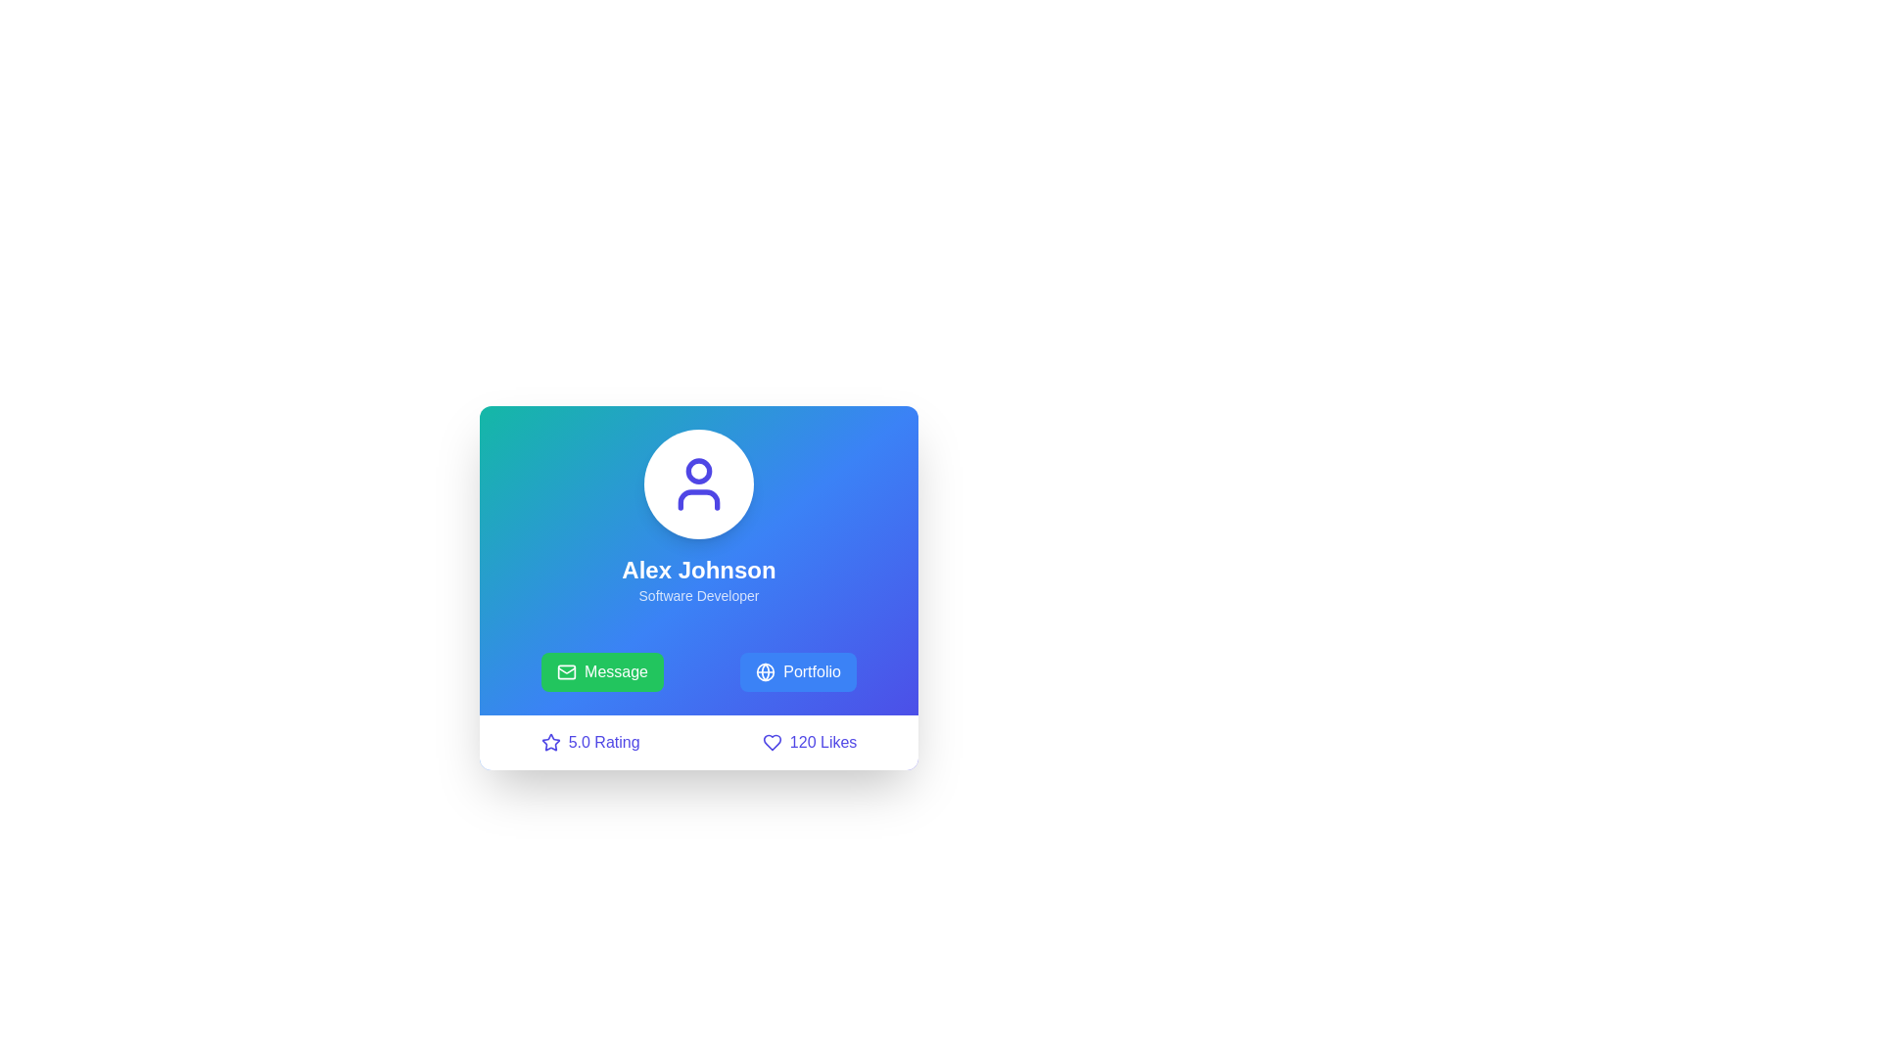 This screenshot has width=1880, height=1057. I want to click on the text label displaying '120 Likes' in medium-weight blue font, located at the bottom right of the card, following the heart-shaped icon, so click(823, 743).